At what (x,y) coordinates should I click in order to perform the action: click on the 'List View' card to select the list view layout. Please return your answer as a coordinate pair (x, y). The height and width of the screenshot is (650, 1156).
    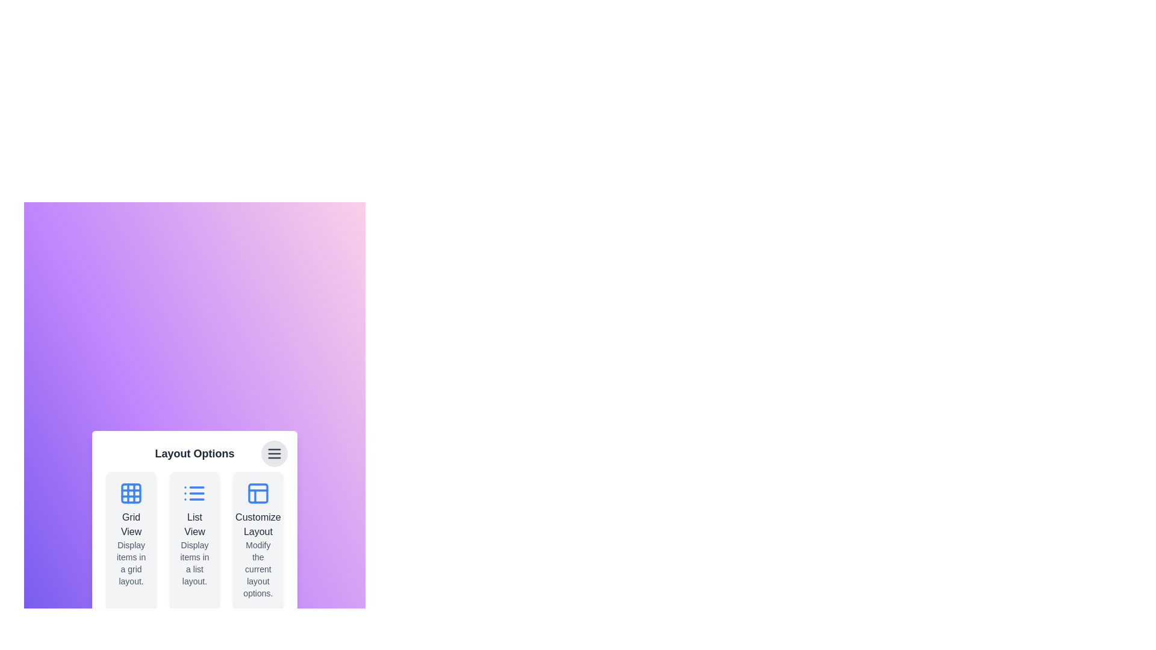
    Looking at the image, I should click on (194, 540).